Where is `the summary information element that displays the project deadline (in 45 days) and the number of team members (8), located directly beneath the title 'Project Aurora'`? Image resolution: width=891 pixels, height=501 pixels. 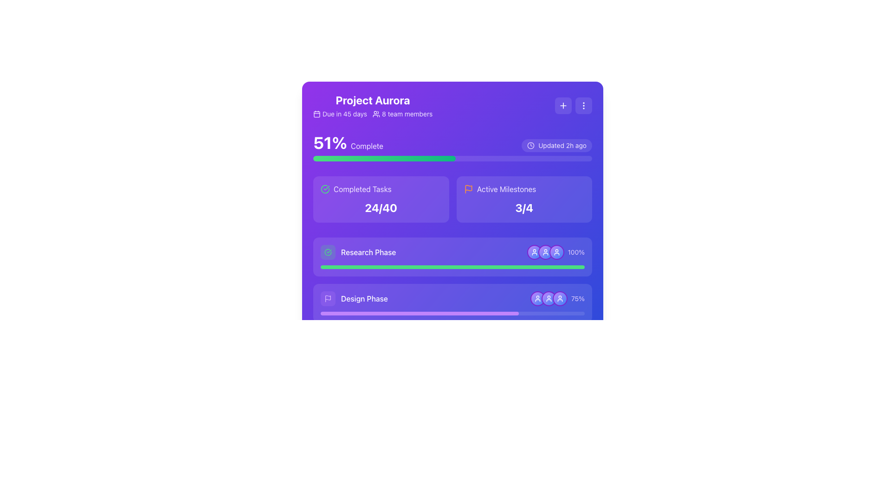 the summary information element that displays the project deadline (in 45 days) and the number of team members (8), located directly beneath the title 'Project Aurora' is located at coordinates (373, 114).